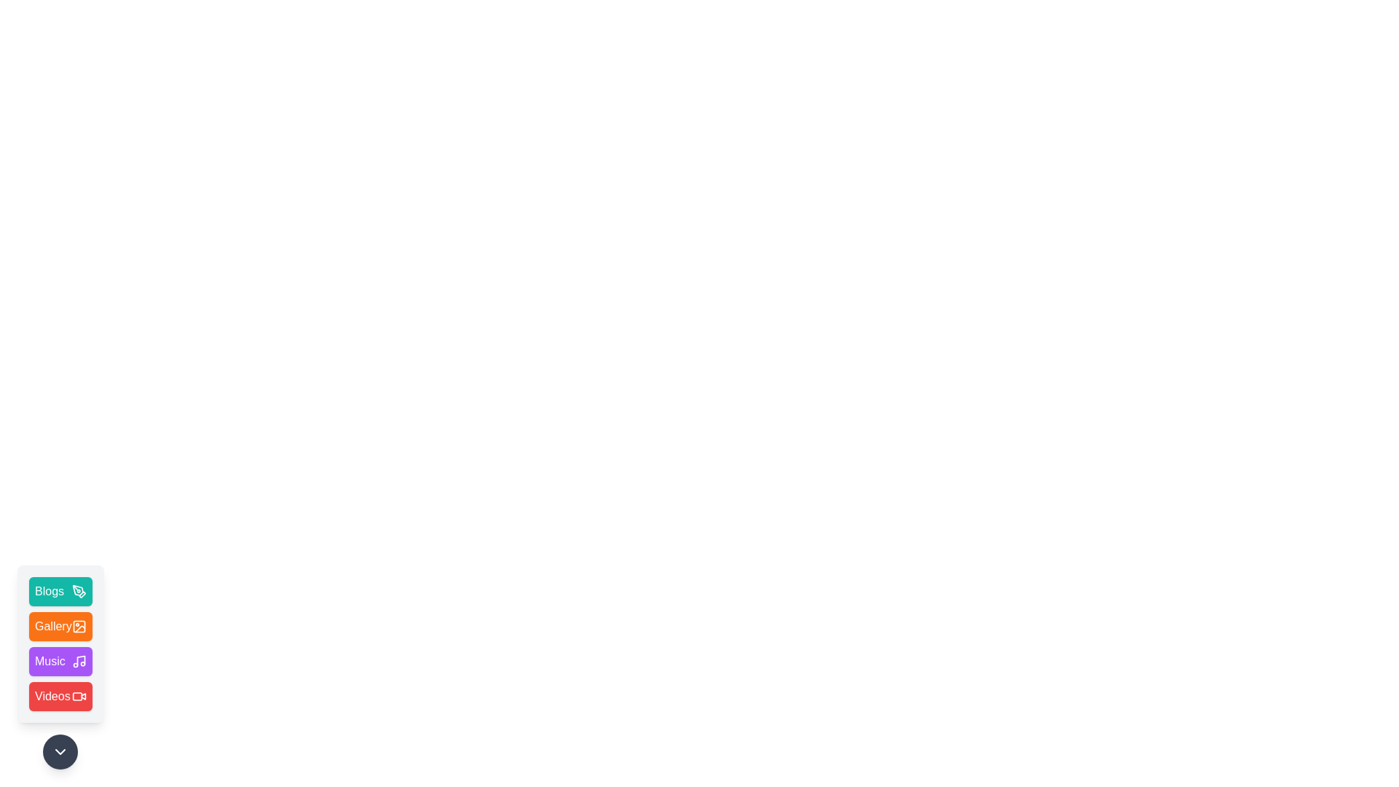  Describe the element at coordinates (60, 626) in the screenshot. I see `the Gallery menu item to interact with it` at that location.